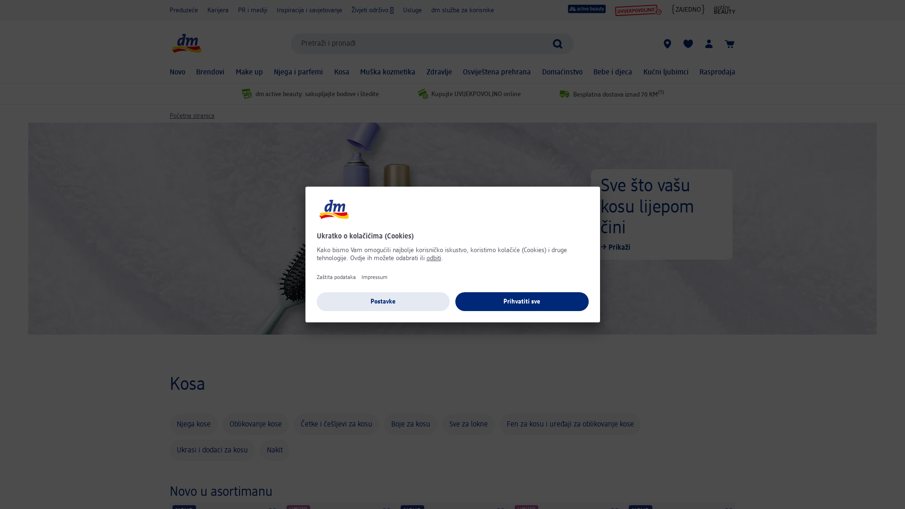  What do you see at coordinates (435, 72) in the screenshot?
I see `'Zdravlje'` at bounding box center [435, 72].